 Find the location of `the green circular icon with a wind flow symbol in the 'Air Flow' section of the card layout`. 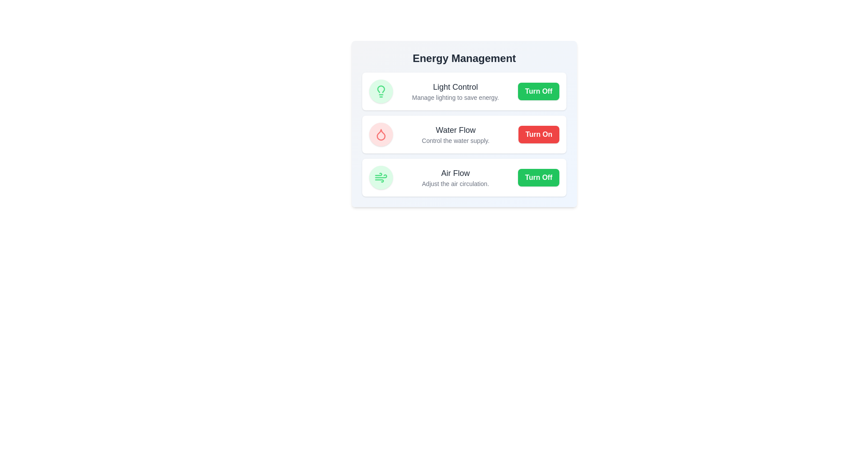

the green circular icon with a wind flow symbol in the 'Air Flow' section of the card layout is located at coordinates (381, 178).